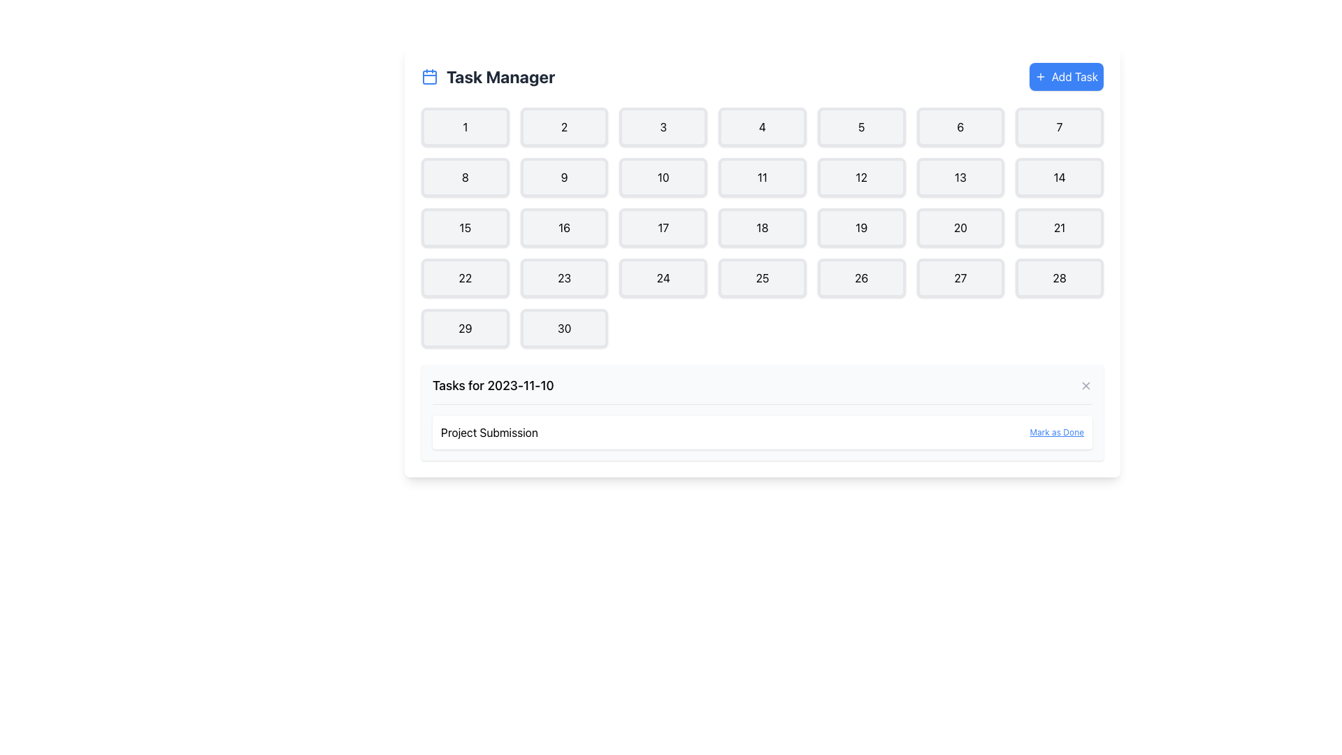 The height and width of the screenshot is (755, 1342). What do you see at coordinates (564, 177) in the screenshot?
I see `the button in the second row, second column of the calendar grid` at bounding box center [564, 177].